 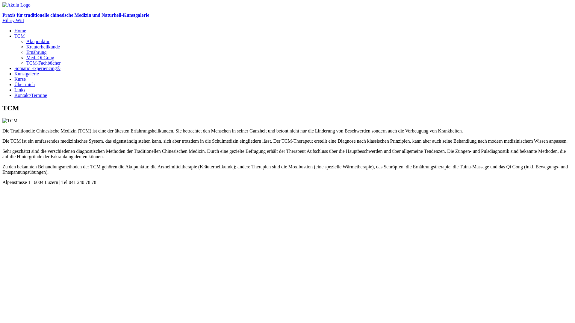 What do you see at coordinates (14, 31) in the screenshot?
I see `'Home'` at bounding box center [14, 31].